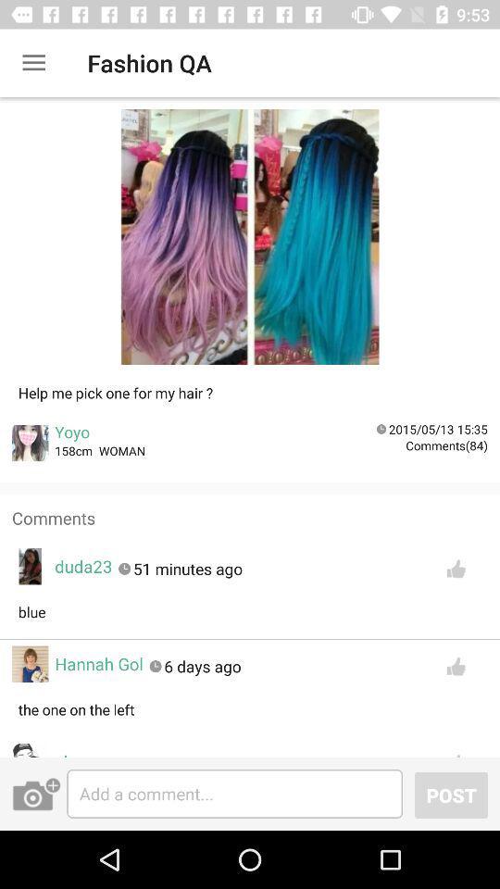 The image size is (500, 889). What do you see at coordinates (36, 793) in the screenshot?
I see `the photo icon` at bounding box center [36, 793].